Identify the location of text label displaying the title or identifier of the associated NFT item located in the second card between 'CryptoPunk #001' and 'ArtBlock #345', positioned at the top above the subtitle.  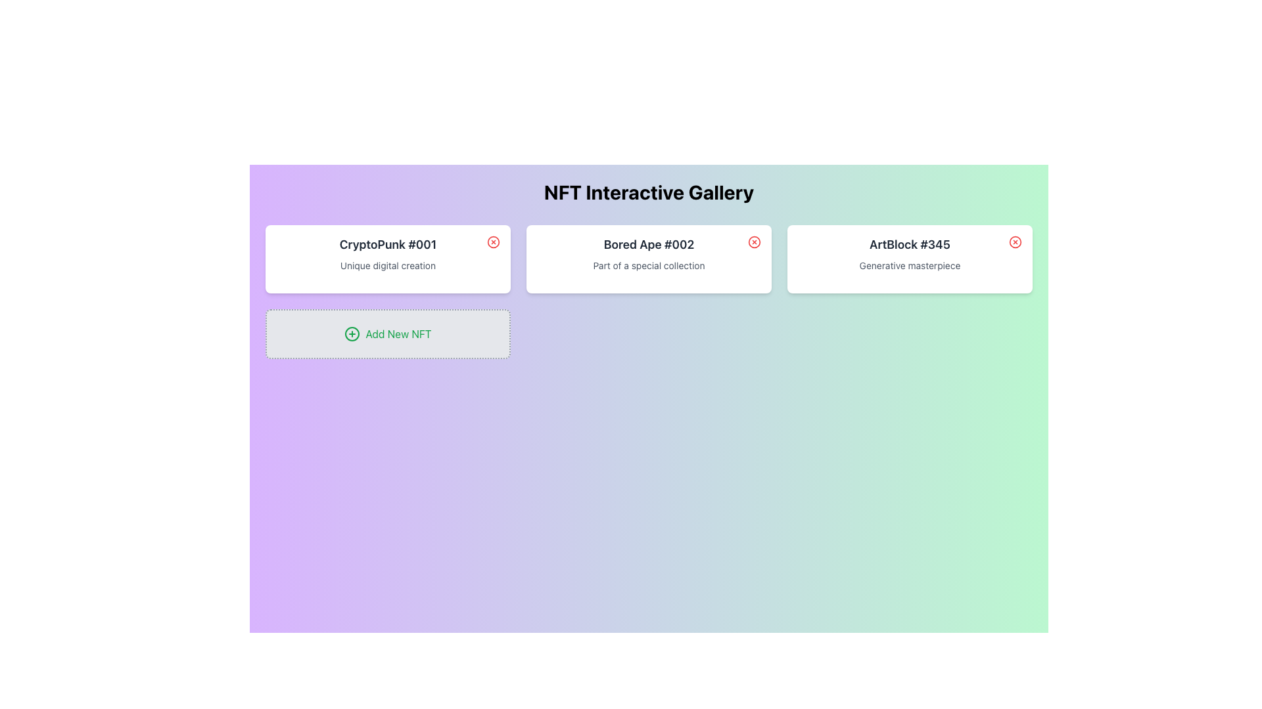
(649, 245).